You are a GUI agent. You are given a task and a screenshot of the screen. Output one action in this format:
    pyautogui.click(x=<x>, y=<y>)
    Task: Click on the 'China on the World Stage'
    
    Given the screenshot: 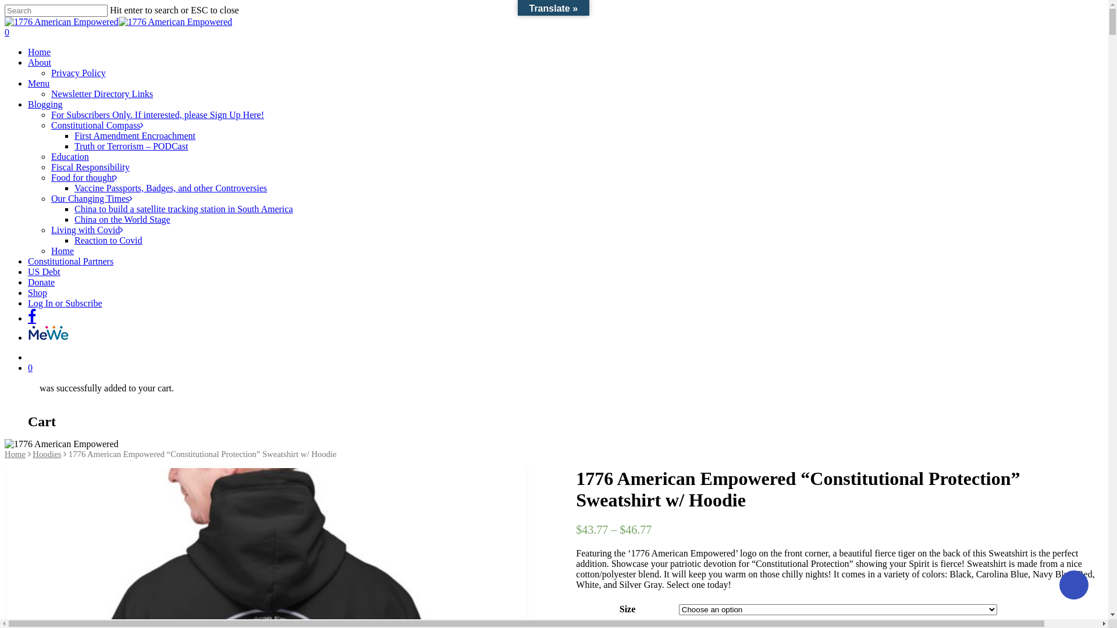 What is the action you would take?
    pyautogui.click(x=122, y=219)
    